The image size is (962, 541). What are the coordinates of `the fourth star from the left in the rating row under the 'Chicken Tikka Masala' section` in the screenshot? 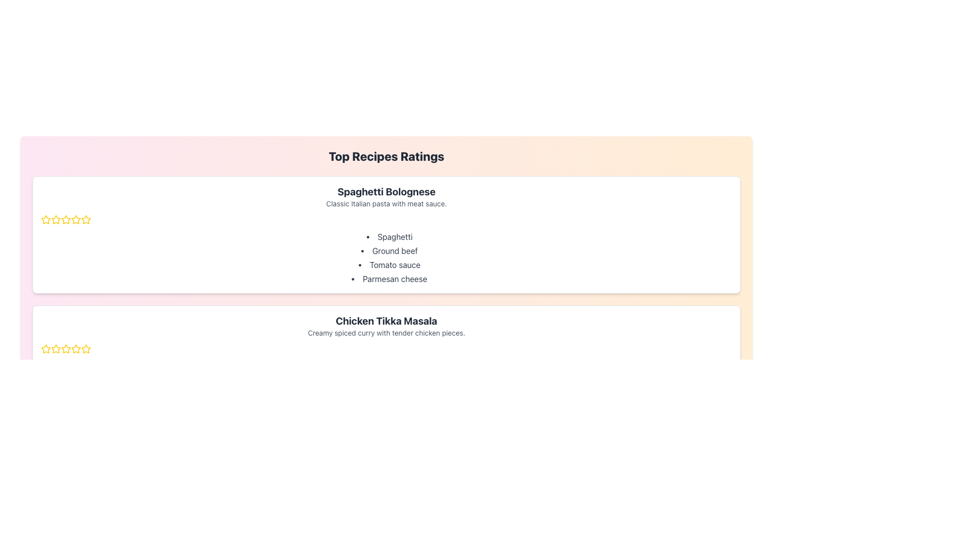 It's located at (86, 348).